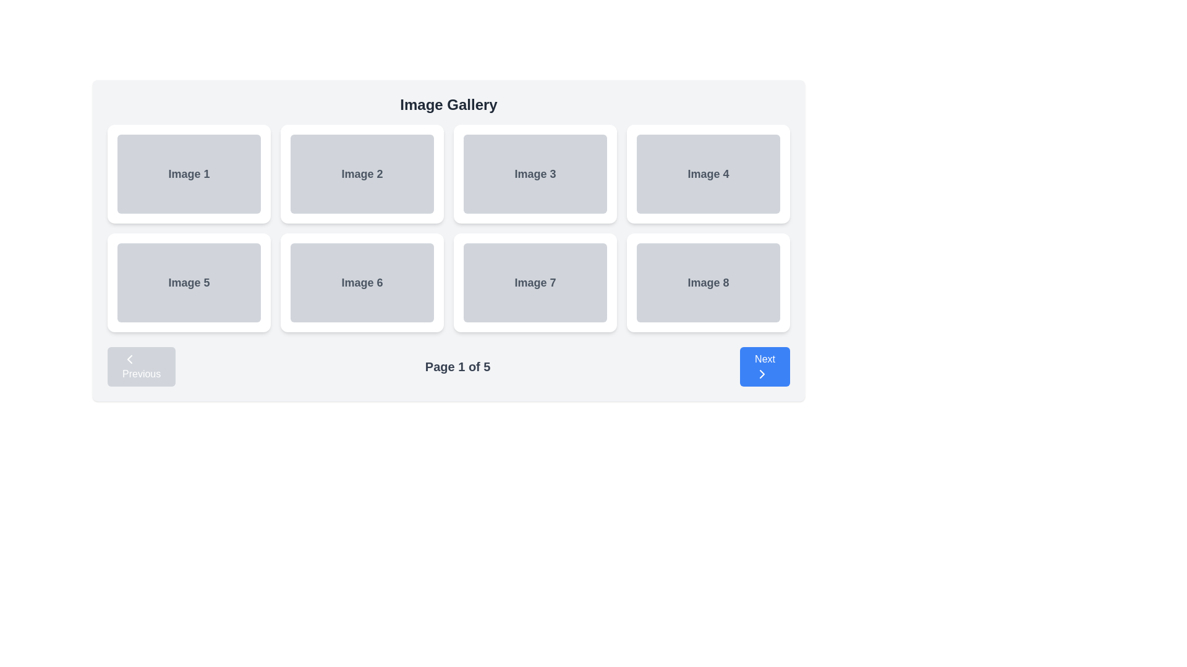 The width and height of the screenshot is (1187, 667). Describe the element at coordinates (535, 174) in the screenshot. I see `the static visual element labeled 'Image 3' with a gray background and rounded corners in the 'Image Gallery' interface` at that location.